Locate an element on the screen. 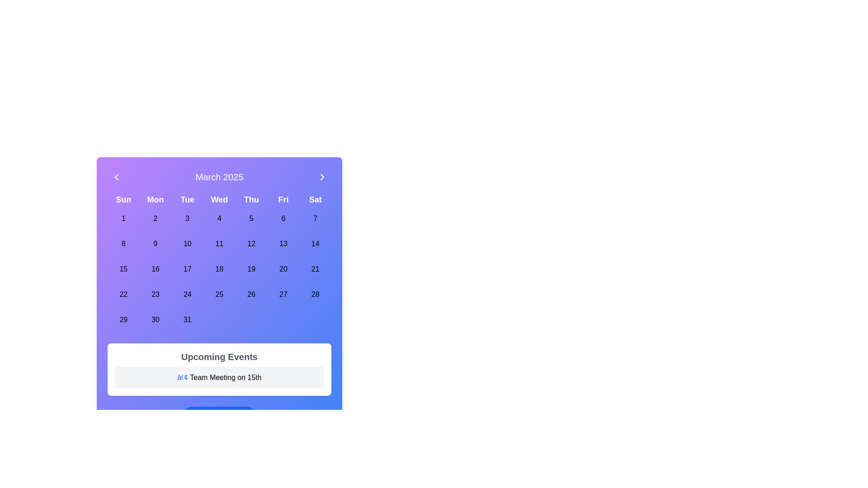  the calendar date '17' located in the fifth row and third column of the calendar grid is located at coordinates (187, 269).